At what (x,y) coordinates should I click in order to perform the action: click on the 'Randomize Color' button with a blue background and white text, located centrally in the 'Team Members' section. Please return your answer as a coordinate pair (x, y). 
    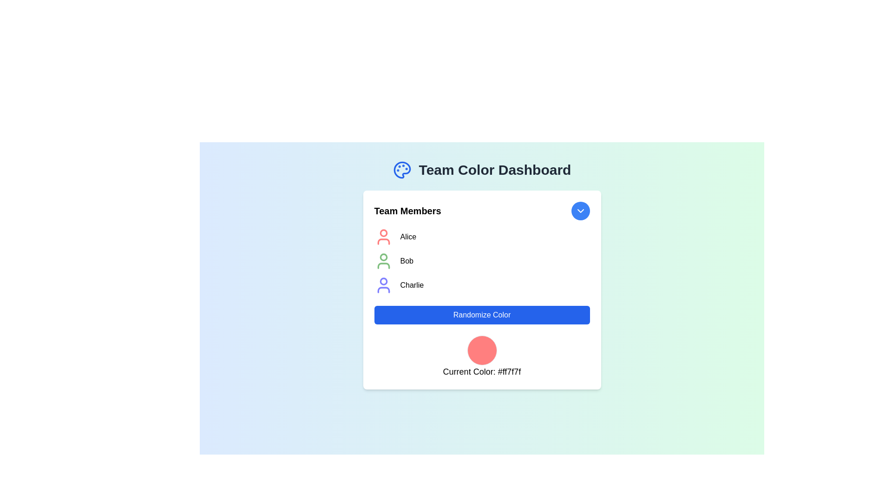
    Looking at the image, I should click on (482, 315).